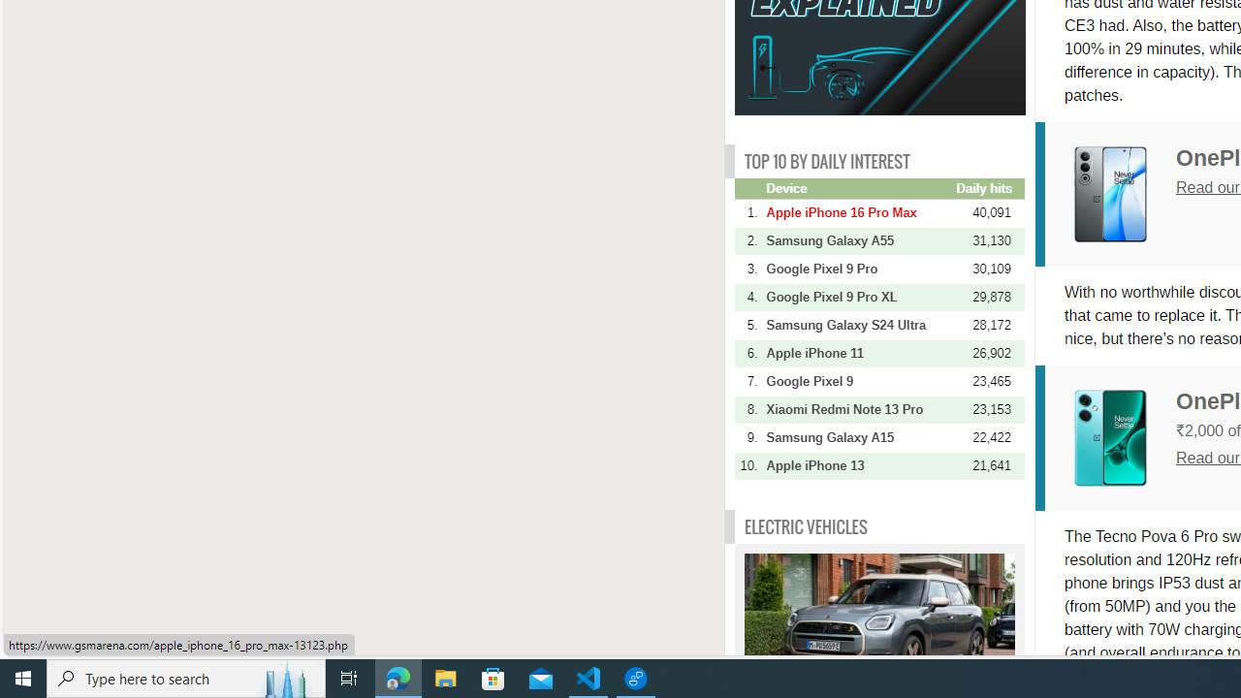 This screenshot has height=698, width=1241. What do you see at coordinates (858, 269) in the screenshot?
I see `'Google Pixel 9 Pro'` at bounding box center [858, 269].